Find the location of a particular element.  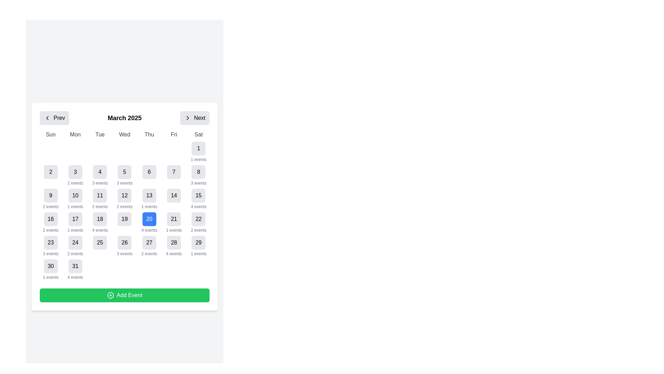

the number '17' in the Calendar day entry is located at coordinates (75, 223).